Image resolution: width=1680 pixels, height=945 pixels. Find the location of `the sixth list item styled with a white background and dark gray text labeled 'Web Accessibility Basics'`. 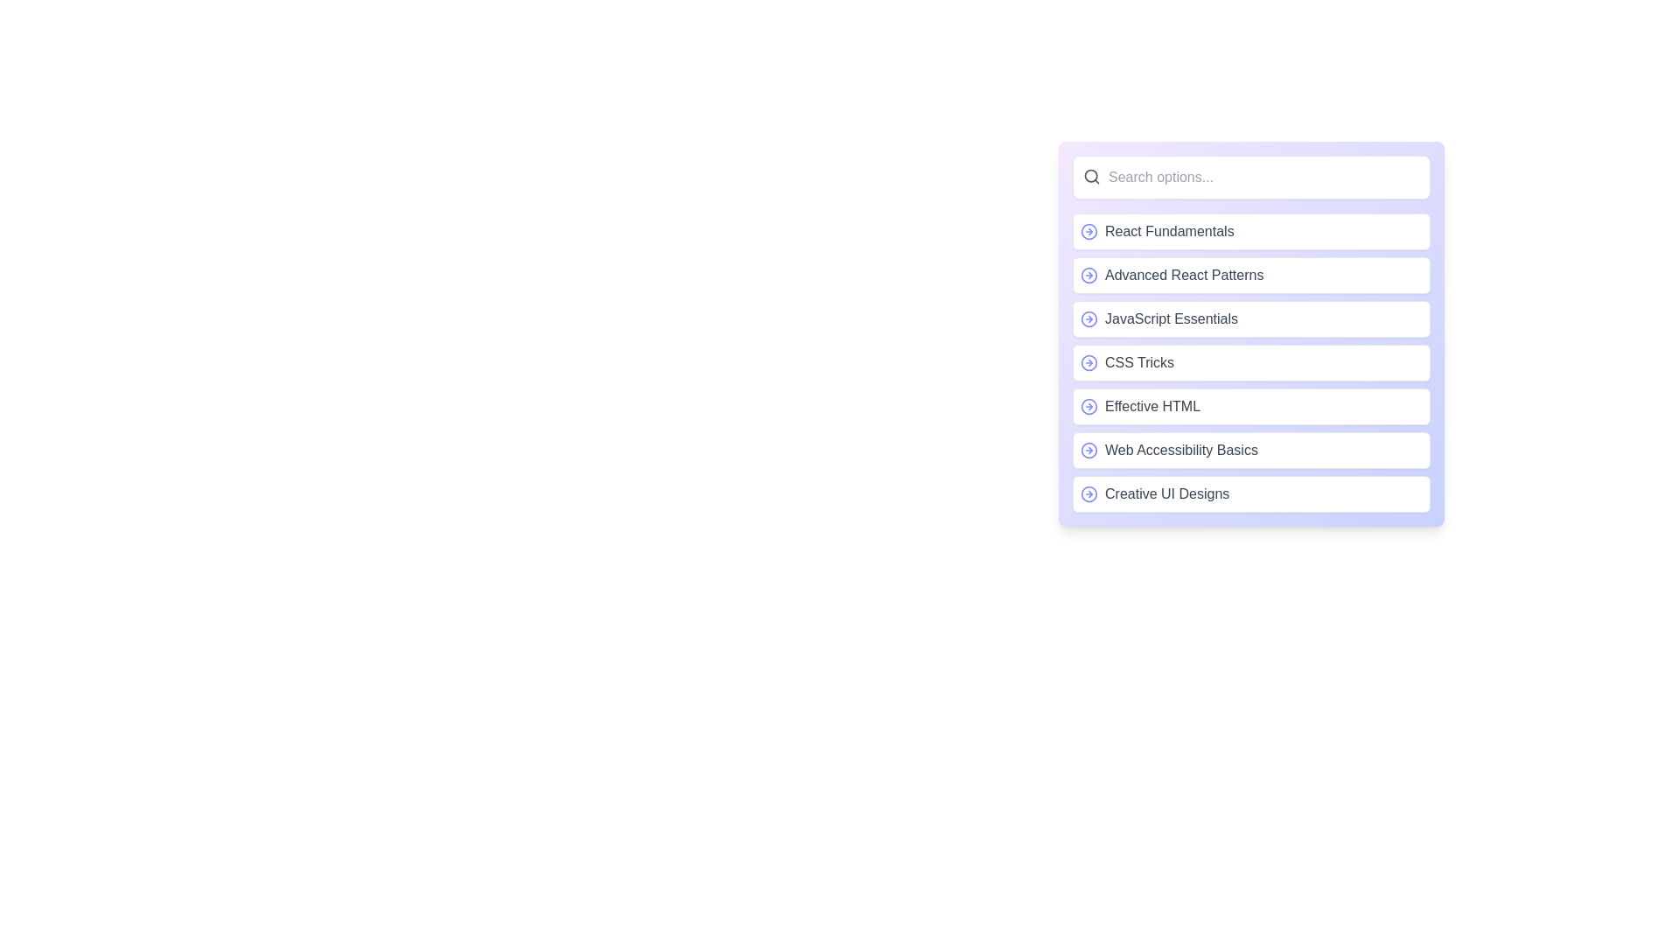

the sixth list item styled with a white background and dark gray text labeled 'Web Accessibility Basics' is located at coordinates (1250, 450).